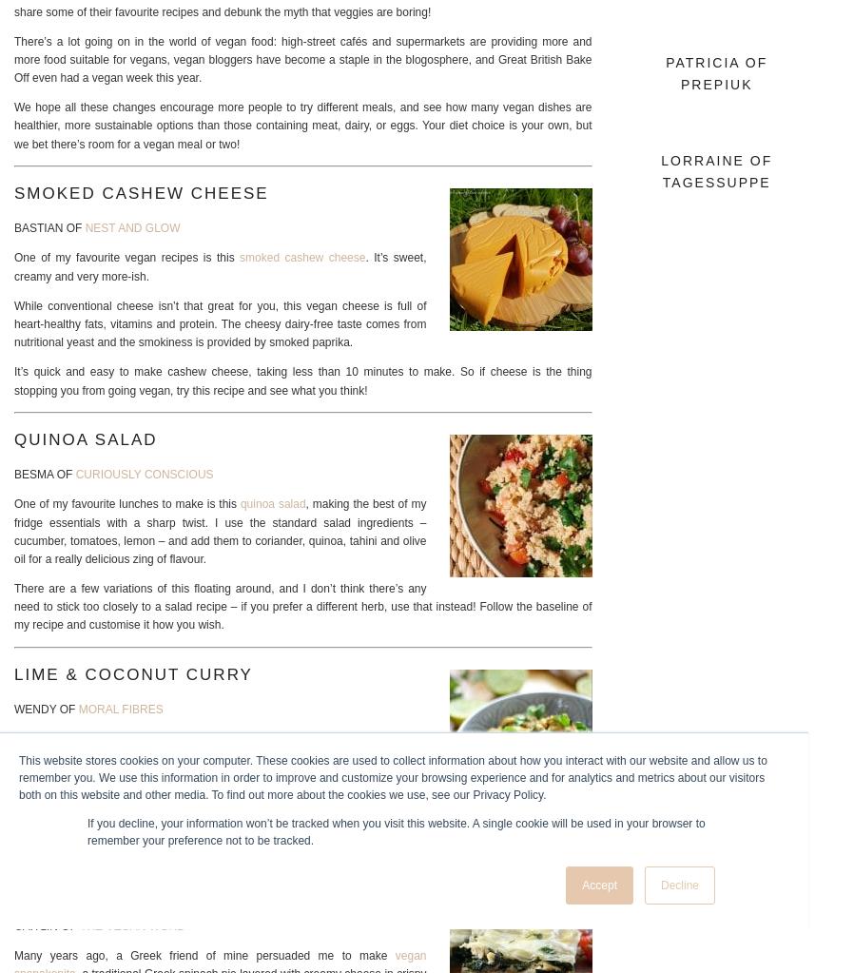  What do you see at coordinates (580, 885) in the screenshot?
I see `'Accept'` at bounding box center [580, 885].